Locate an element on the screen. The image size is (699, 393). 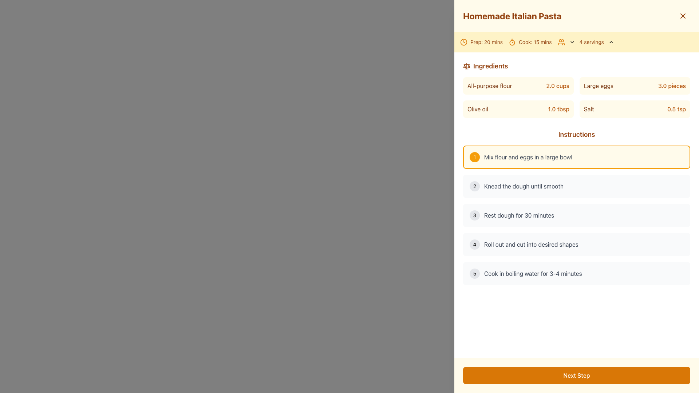
the dropdown toggle button located to the left of the '4 servings' label is located at coordinates (572, 42).